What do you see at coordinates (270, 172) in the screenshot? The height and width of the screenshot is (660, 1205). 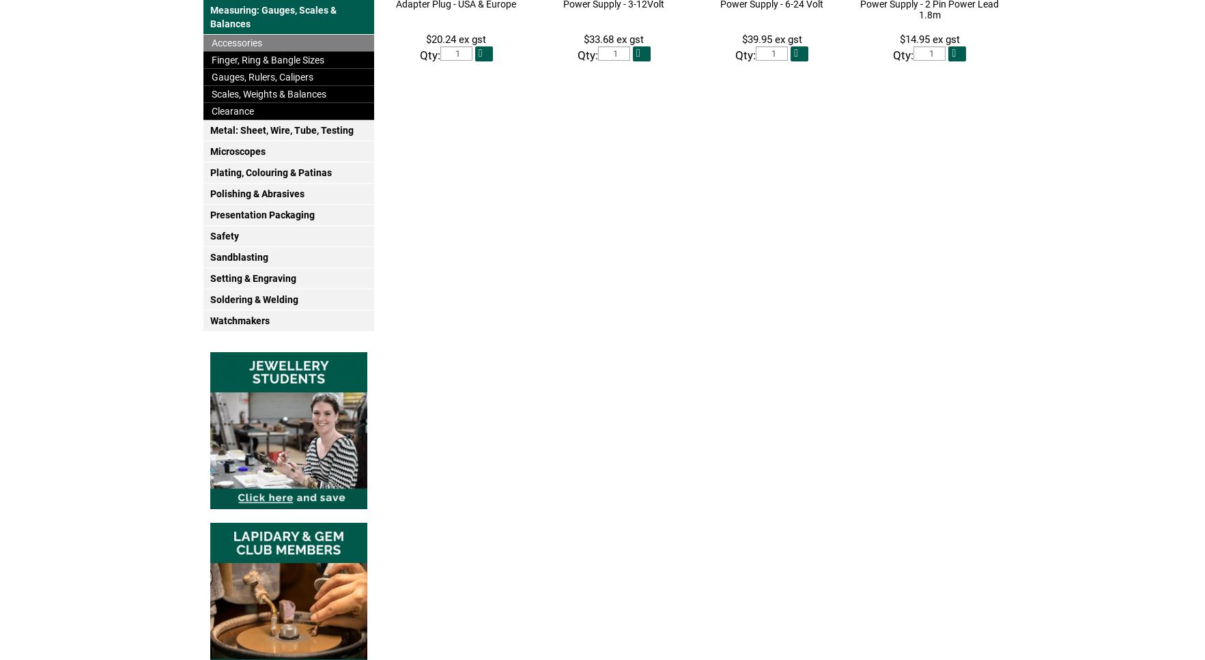 I see `'Plating, Colouring & Patinas'` at bounding box center [270, 172].